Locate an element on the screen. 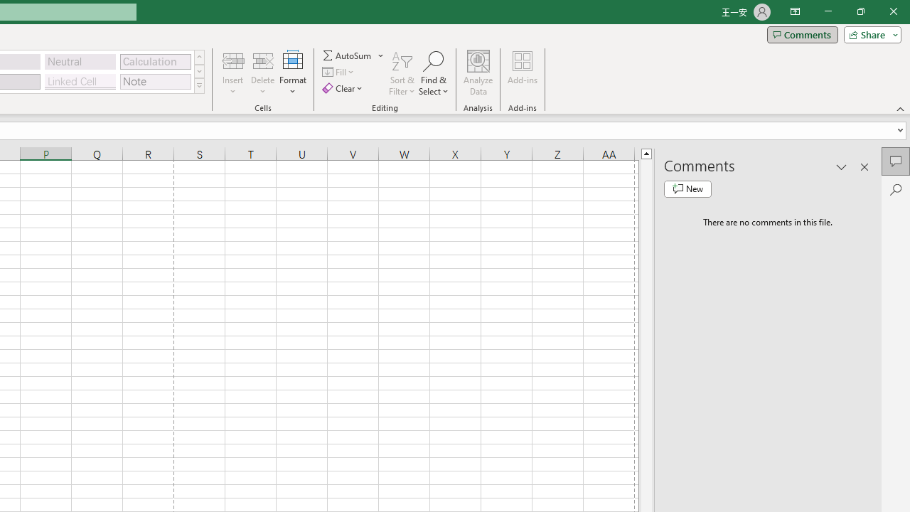  'Row Down' is located at coordinates (198, 71).